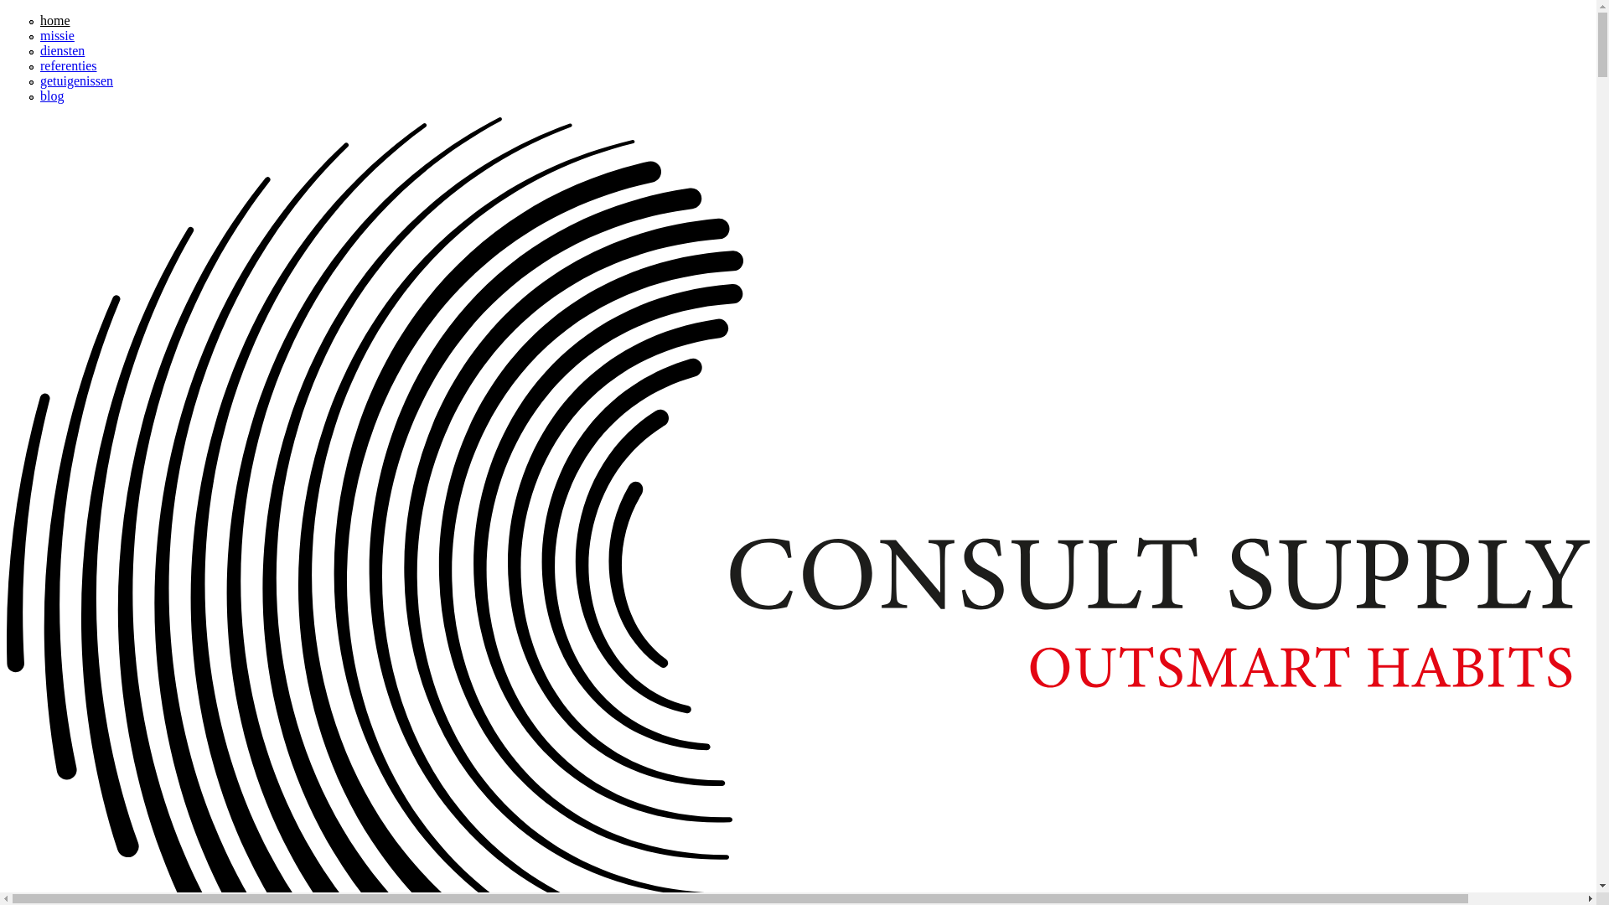 The width and height of the screenshot is (1609, 905). I want to click on 'home', so click(55, 20).